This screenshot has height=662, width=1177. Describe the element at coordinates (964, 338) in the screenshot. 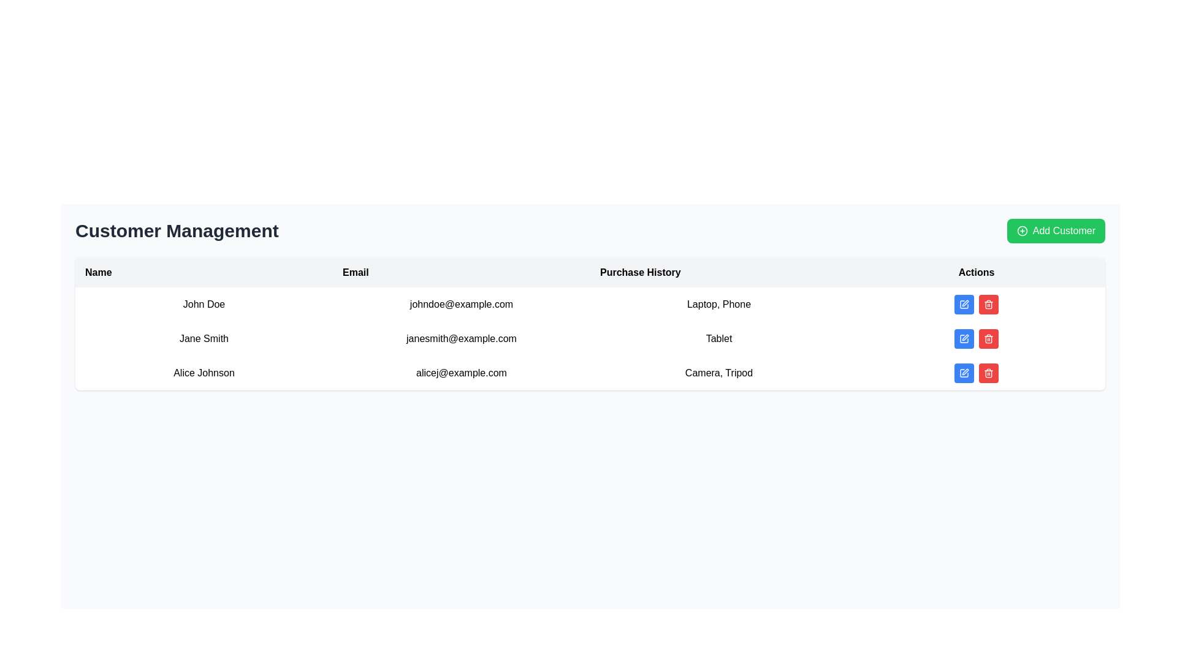

I see `the pen icon button within the blue circular background located in the 'Actions' column for the second row associated with 'Jane Smith'` at that location.